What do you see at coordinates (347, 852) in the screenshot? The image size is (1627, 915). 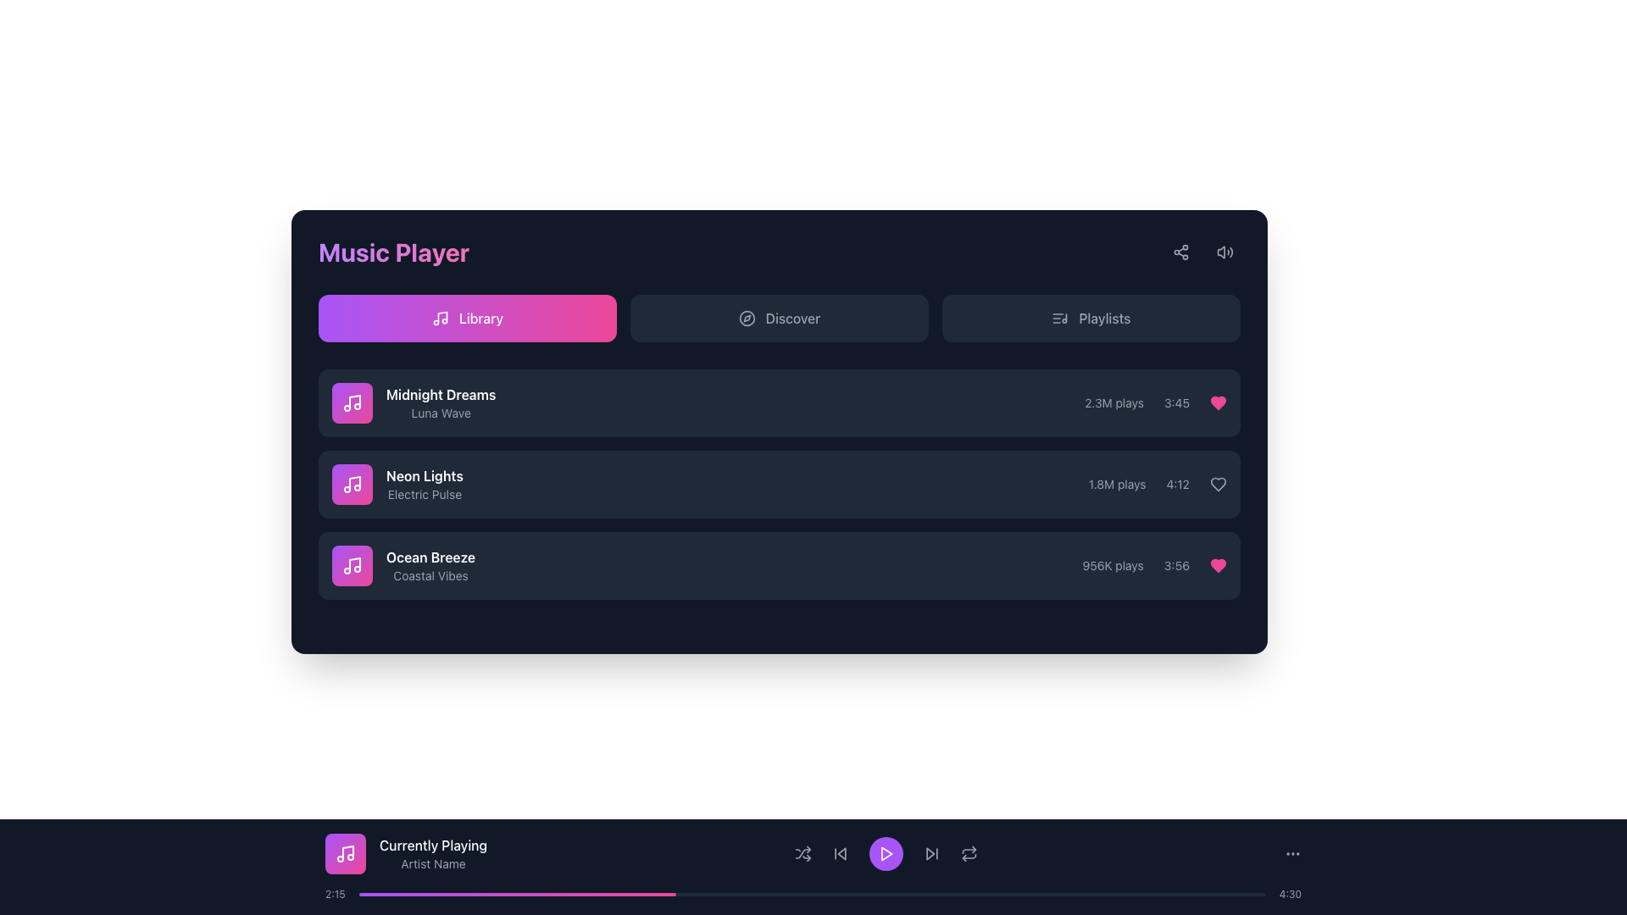 I see `the vertical line resembling a musical note's stem located in the bottom section of the music player interface within the 'Currently Playing' area` at bounding box center [347, 852].